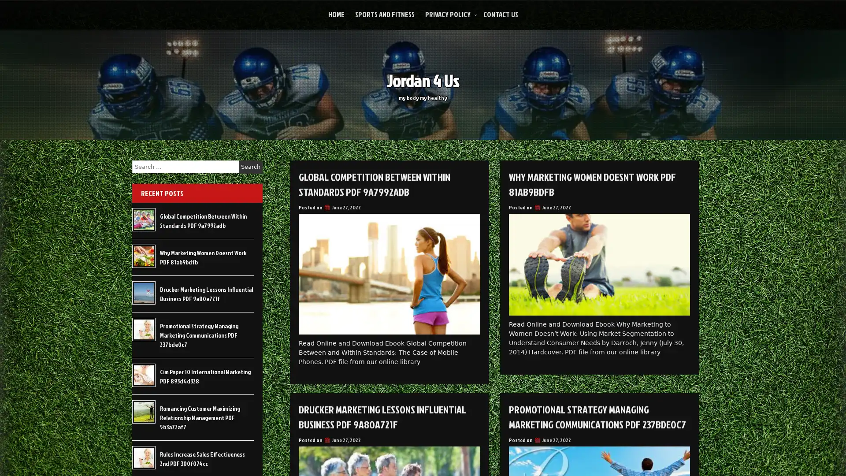 The image size is (846, 476). I want to click on Search, so click(250, 167).